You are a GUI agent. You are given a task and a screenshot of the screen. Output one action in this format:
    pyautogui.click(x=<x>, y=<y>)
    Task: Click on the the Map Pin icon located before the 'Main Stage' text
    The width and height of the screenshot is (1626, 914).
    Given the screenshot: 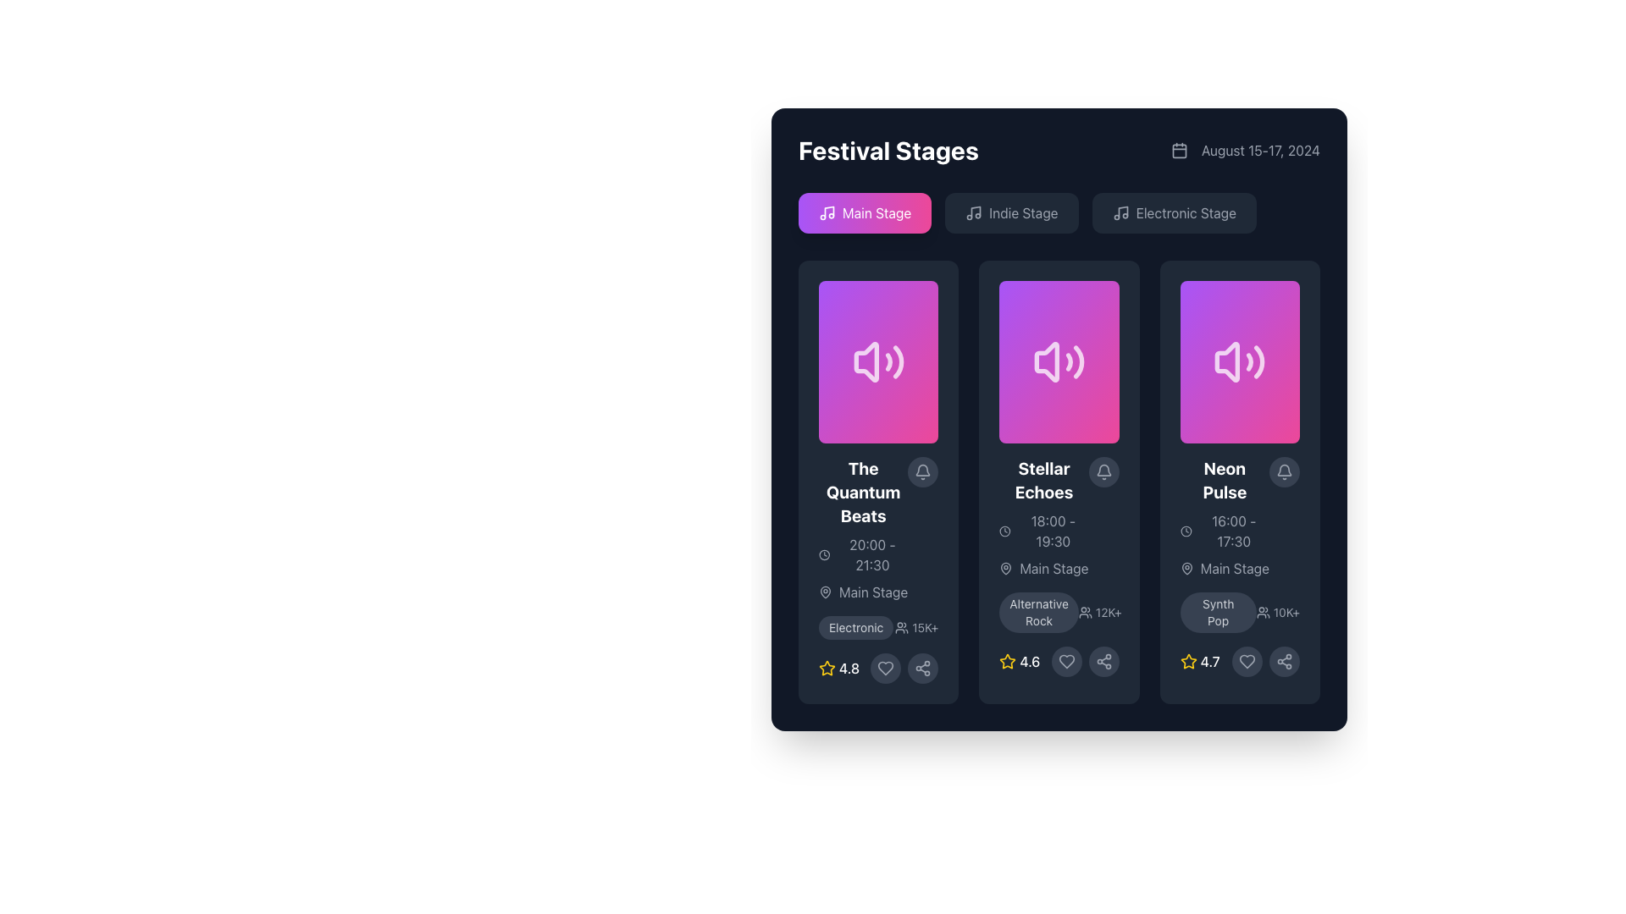 What is the action you would take?
    pyautogui.click(x=1186, y=568)
    